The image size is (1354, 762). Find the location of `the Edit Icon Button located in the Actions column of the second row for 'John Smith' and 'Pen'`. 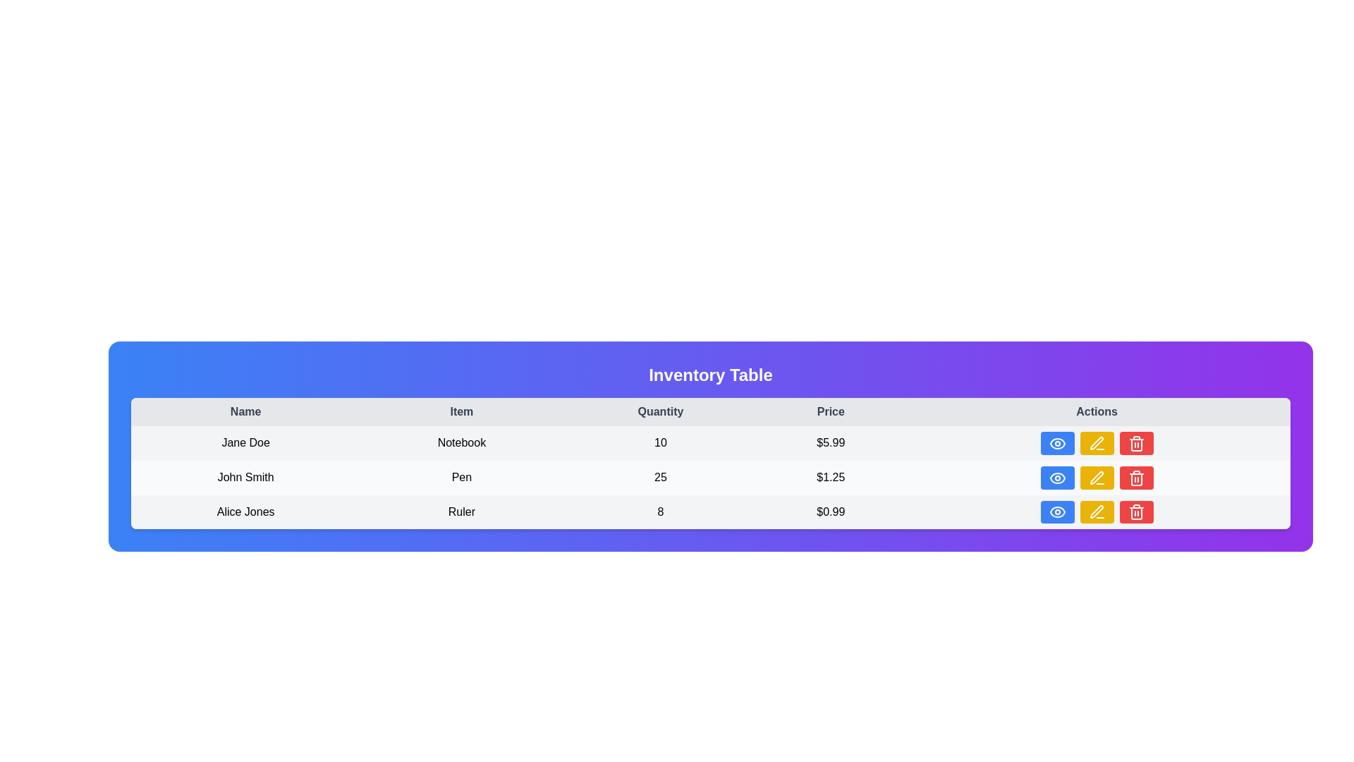

the Edit Icon Button located in the Actions column of the second row for 'John Smith' and 'Pen' is located at coordinates (1096, 477).